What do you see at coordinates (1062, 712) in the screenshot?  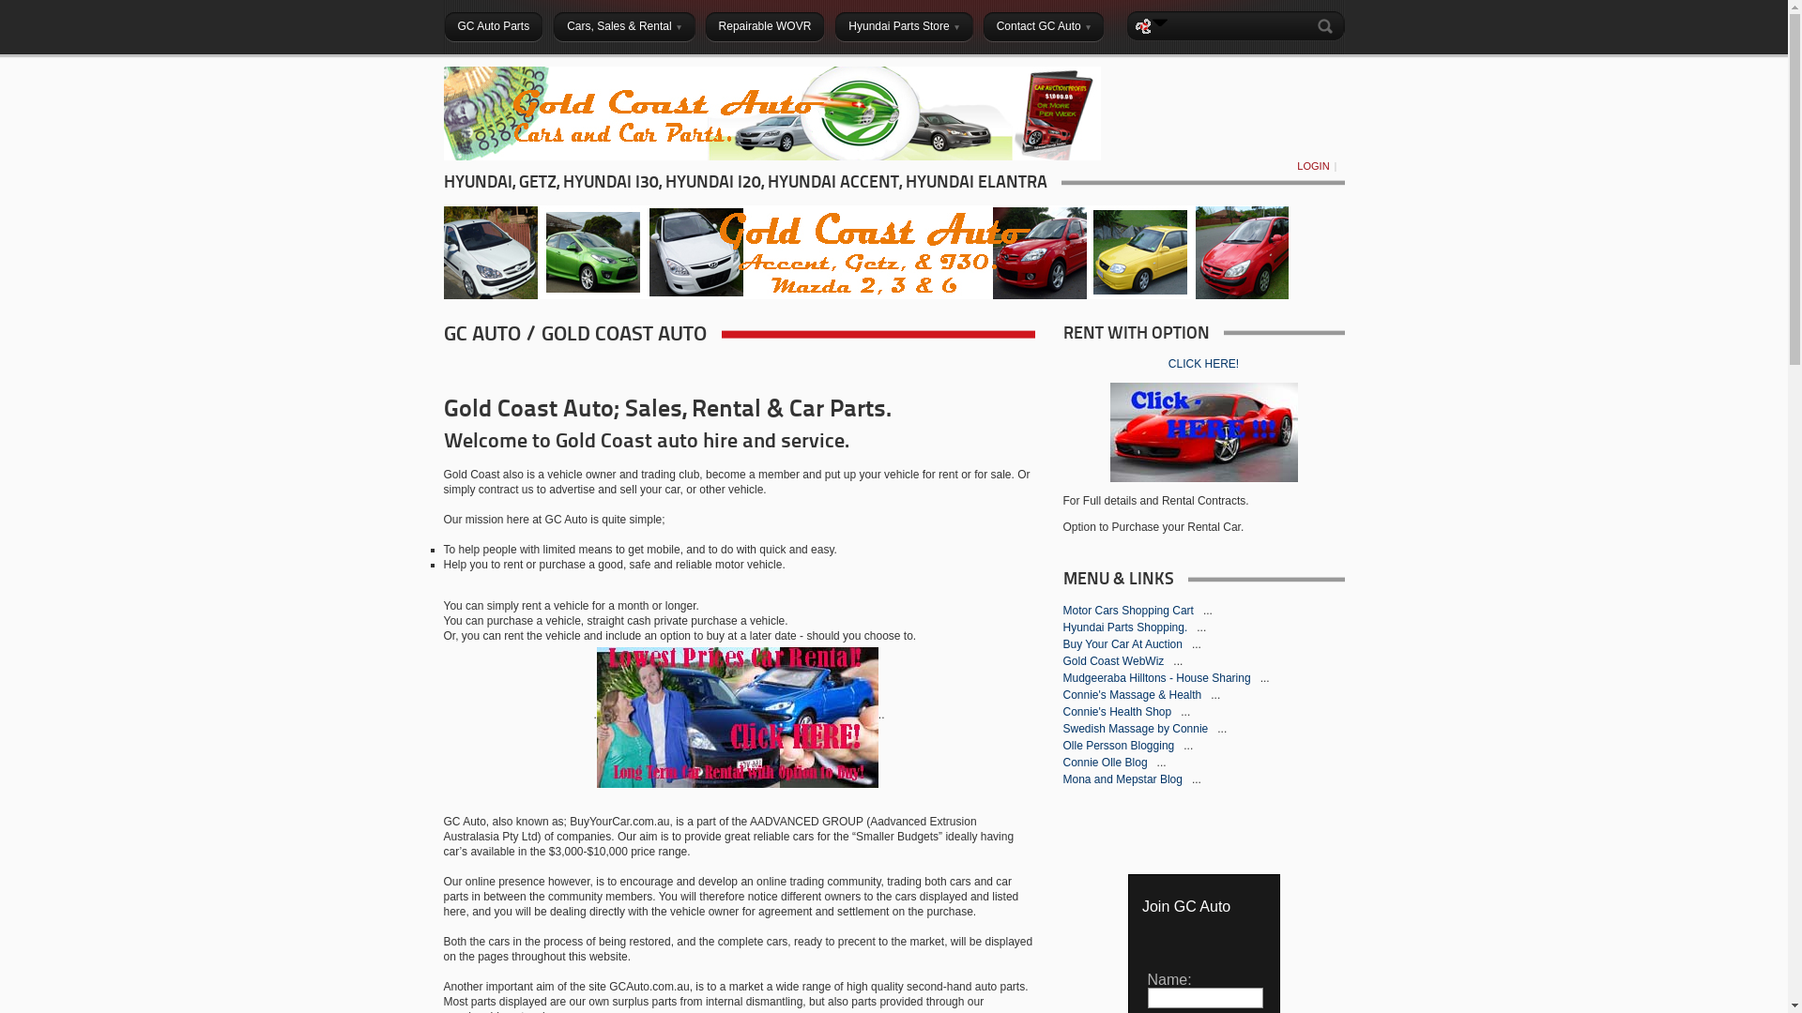 I see `'Connie's Health Shop'` at bounding box center [1062, 712].